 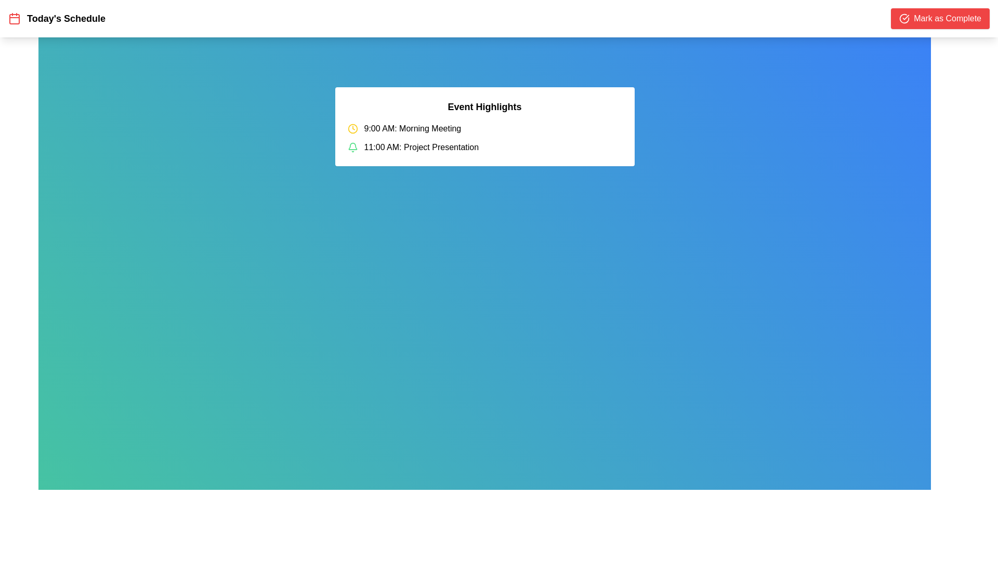 What do you see at coordinates (352, 148) in the screenshot?
I see `the bell icon with a green outline, which signifies a notification, located to the left of the text '11:00 AM: Project Presentation'` at bounding box center [352, 148].